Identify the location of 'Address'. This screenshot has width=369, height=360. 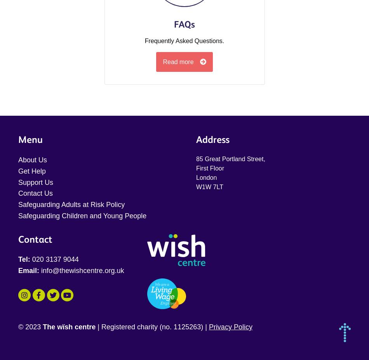
(212, 139).